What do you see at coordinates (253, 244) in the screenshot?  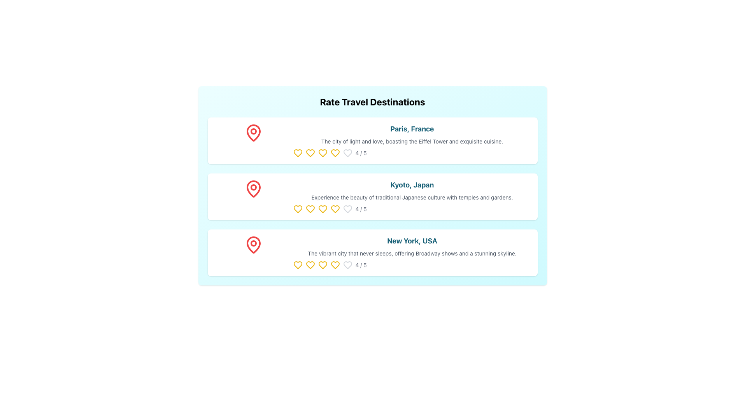 I see `the red map pin icon representing the first travel destination in the last section for 'New York, USA'` at bounding box center [253, 244].